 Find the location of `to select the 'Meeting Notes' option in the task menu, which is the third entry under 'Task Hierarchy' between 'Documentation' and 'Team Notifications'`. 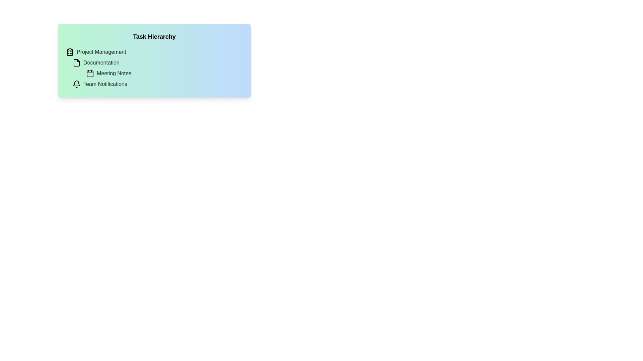

to select the 'Meeting Notes' option in the task menu, which is the third entry under 'Task Hierarchy' between 'Documentation' and 'Team Notifications' is located at coordinates (164, 73).